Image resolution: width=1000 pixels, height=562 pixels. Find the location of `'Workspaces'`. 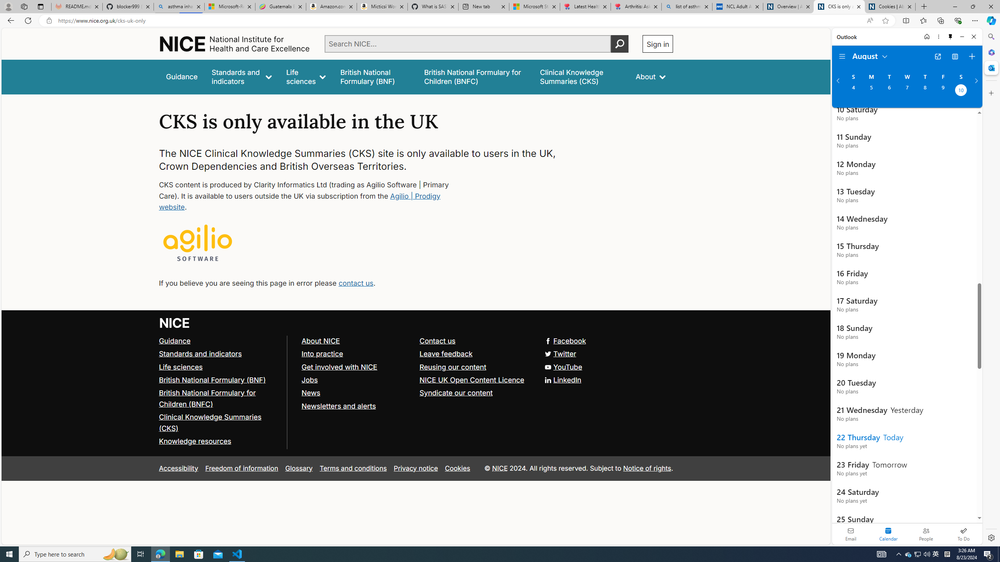

'Workspaces' is located at coordinates (24, 6).